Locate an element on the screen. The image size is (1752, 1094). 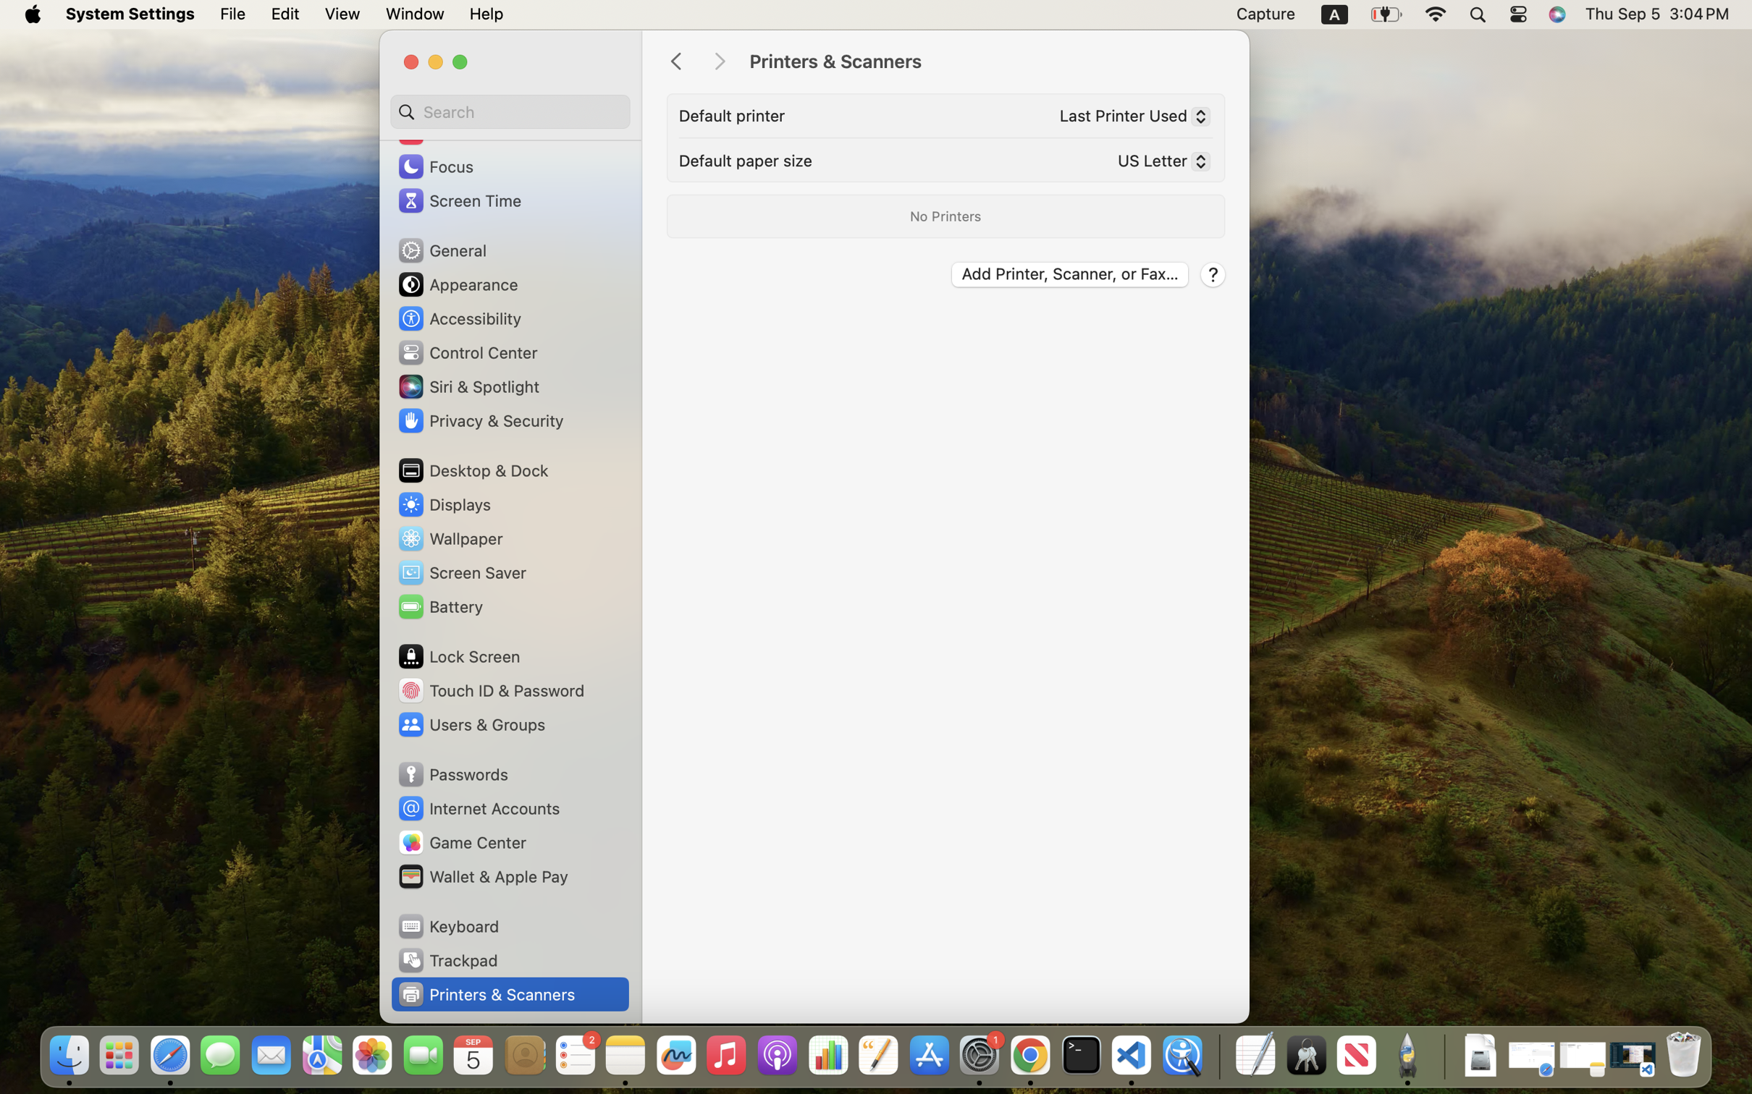
'Appearance' is located at coordinates (456, 284).